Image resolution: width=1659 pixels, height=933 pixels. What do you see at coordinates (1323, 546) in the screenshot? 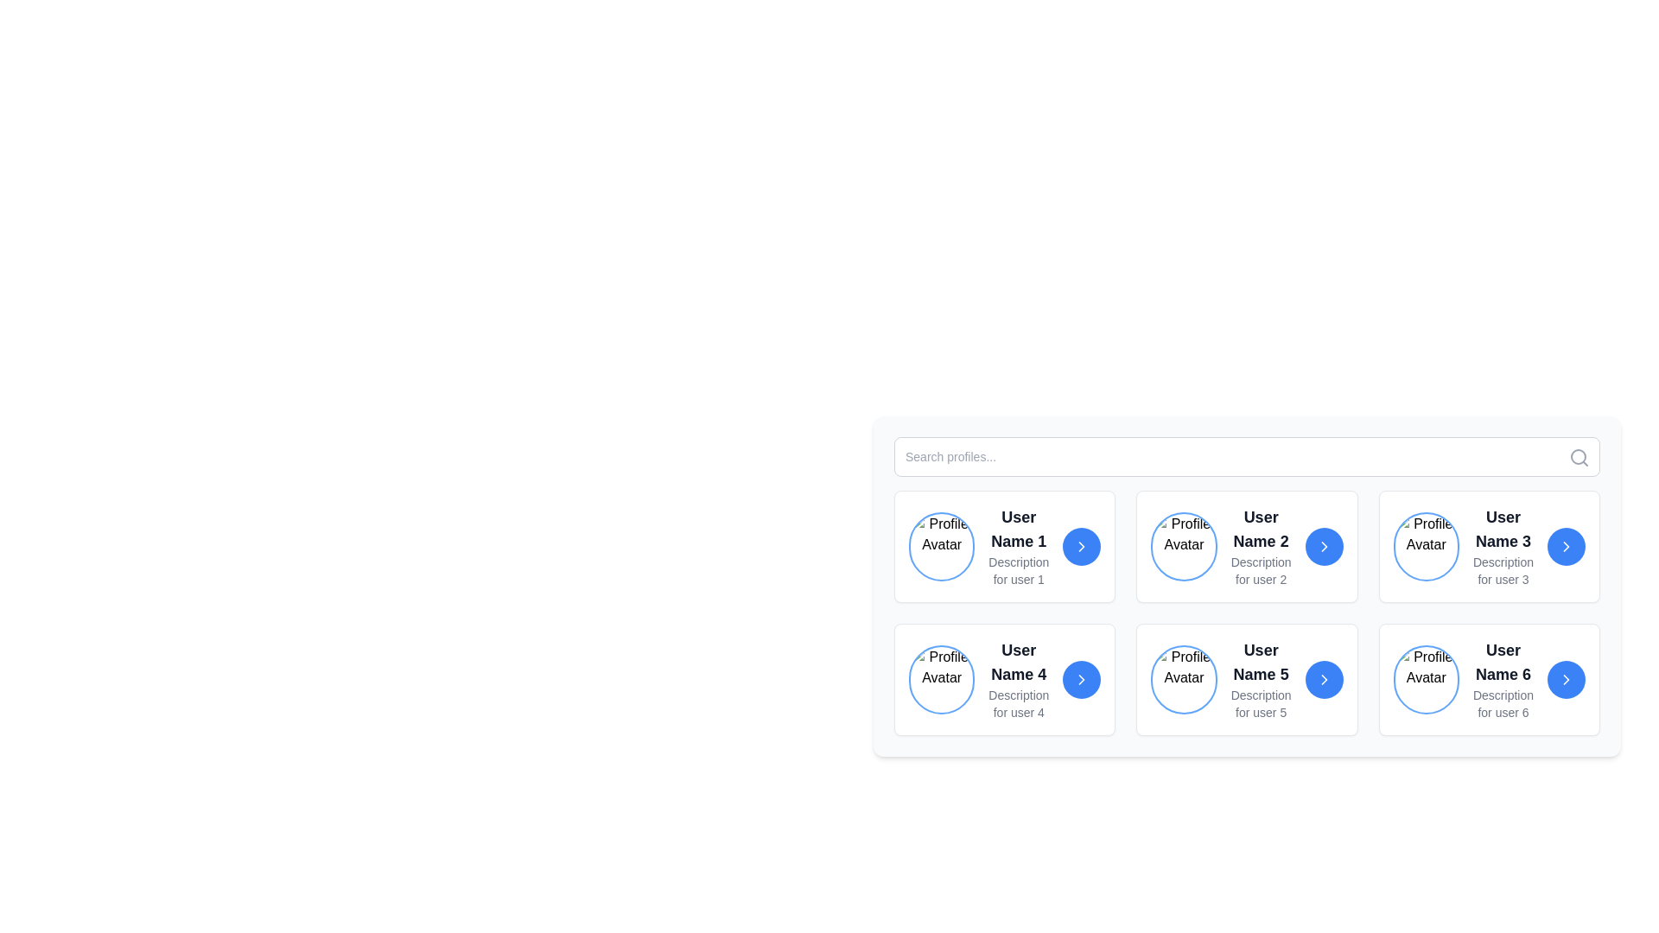
I see `the navigation icon located on the far right side of the second card in the profile card layout` at bounding box center [1323, 546].